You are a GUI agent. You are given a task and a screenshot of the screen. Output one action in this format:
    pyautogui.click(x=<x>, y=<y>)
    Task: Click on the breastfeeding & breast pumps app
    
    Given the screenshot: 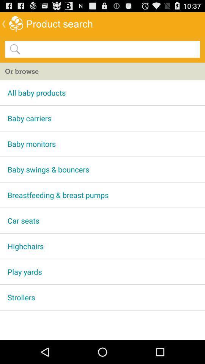 What is the action you would take?
    pyautogui.click(x=102, y=195)
    